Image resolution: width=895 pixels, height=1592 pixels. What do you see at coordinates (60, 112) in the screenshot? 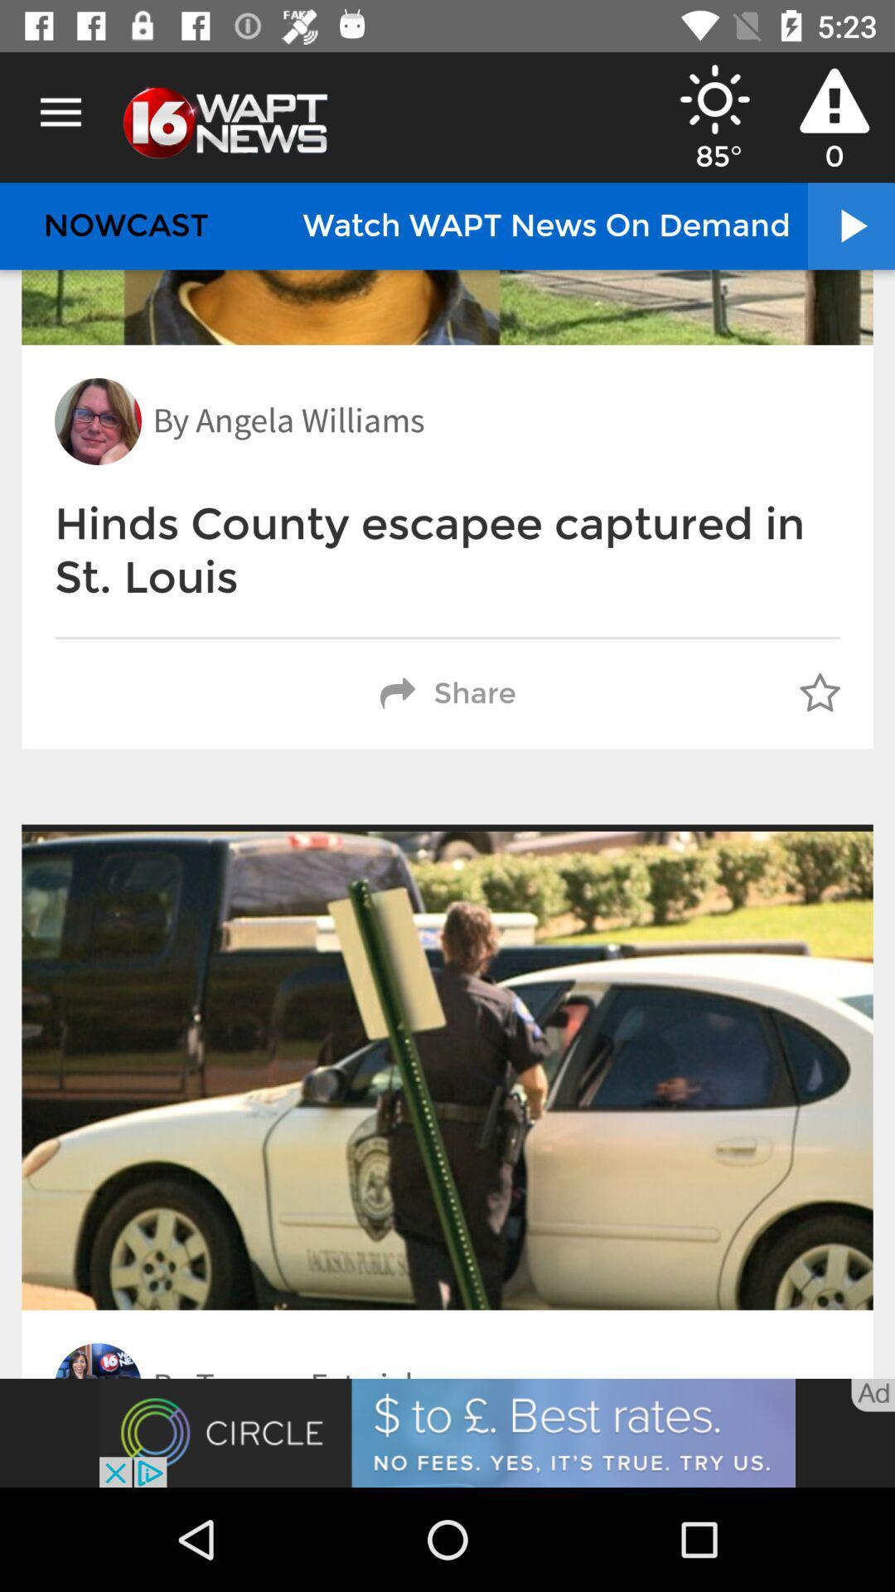
I see `the menu icon` at bounding box center [60, 112].